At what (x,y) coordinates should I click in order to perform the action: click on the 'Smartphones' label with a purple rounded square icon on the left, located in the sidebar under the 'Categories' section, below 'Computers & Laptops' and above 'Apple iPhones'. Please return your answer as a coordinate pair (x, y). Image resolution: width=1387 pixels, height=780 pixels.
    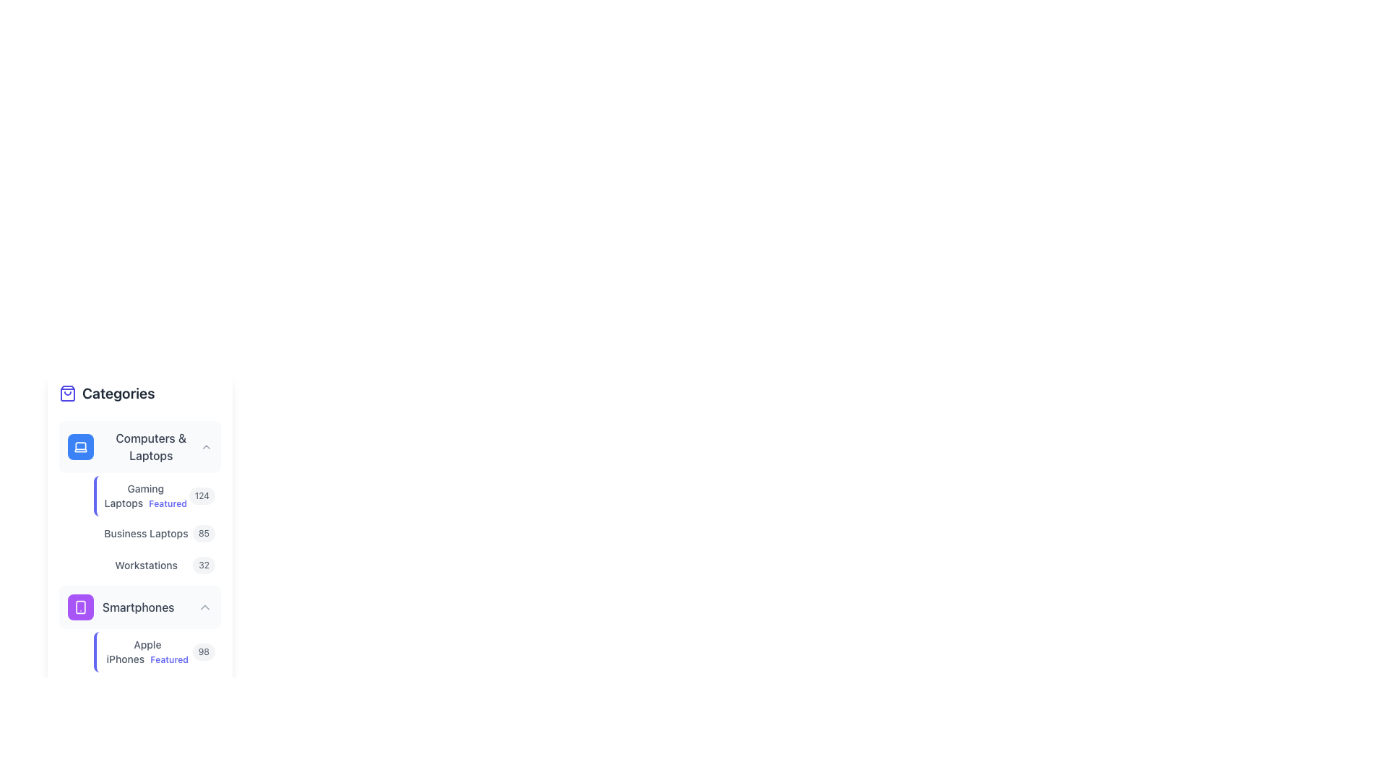
    Looking at the image, I should click on (121, 607).